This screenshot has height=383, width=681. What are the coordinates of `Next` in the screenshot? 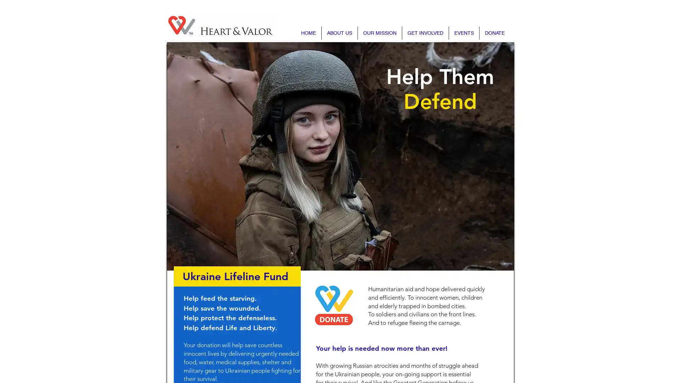 It's located at (488, 156).